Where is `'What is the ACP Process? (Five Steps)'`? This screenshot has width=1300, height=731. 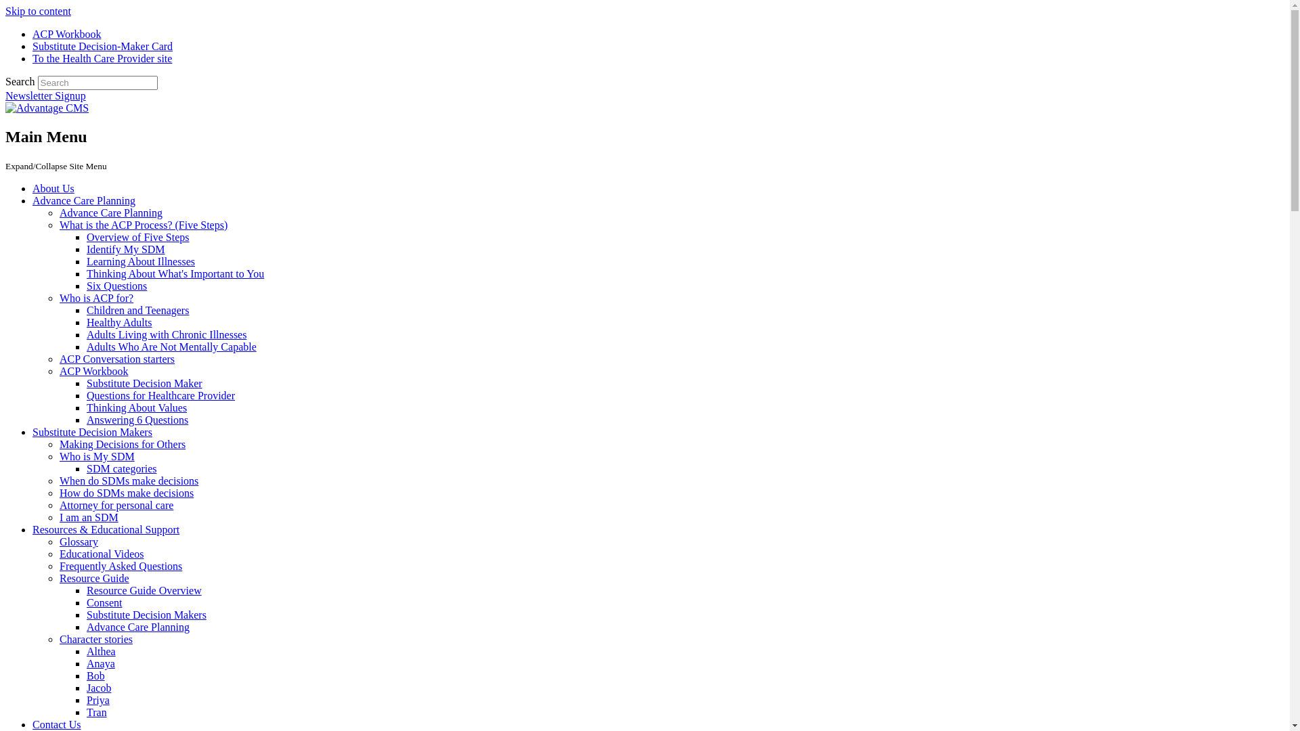 'What is the ACP Process? (Five Steps)' is located at coordinates (143, 224).